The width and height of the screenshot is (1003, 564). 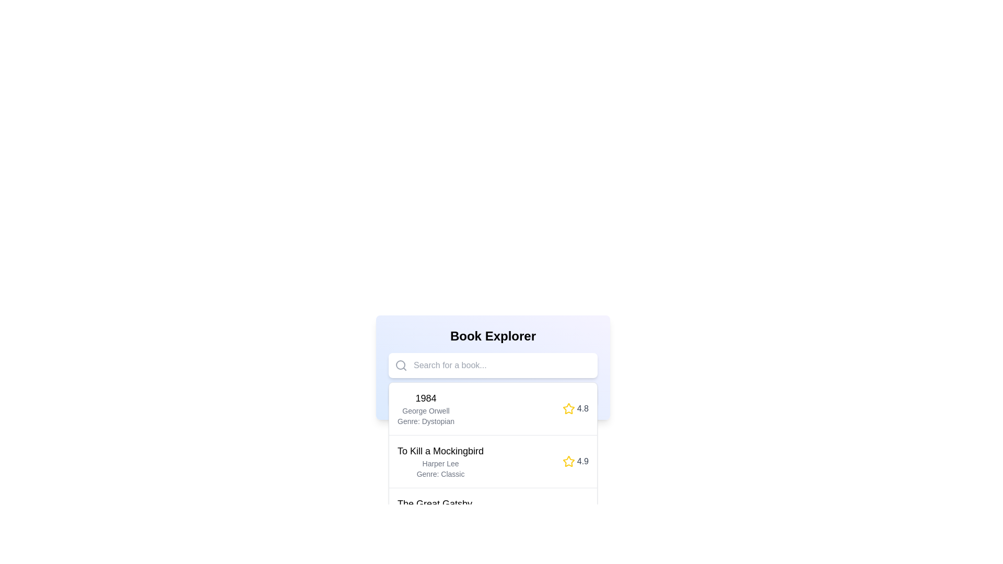 I want to click on the magnifying glass icon located in the search bar area under the 'Book Explorer' heading, which serves as a visual cue for the adjacent search input field, so click(x=401, y=365).